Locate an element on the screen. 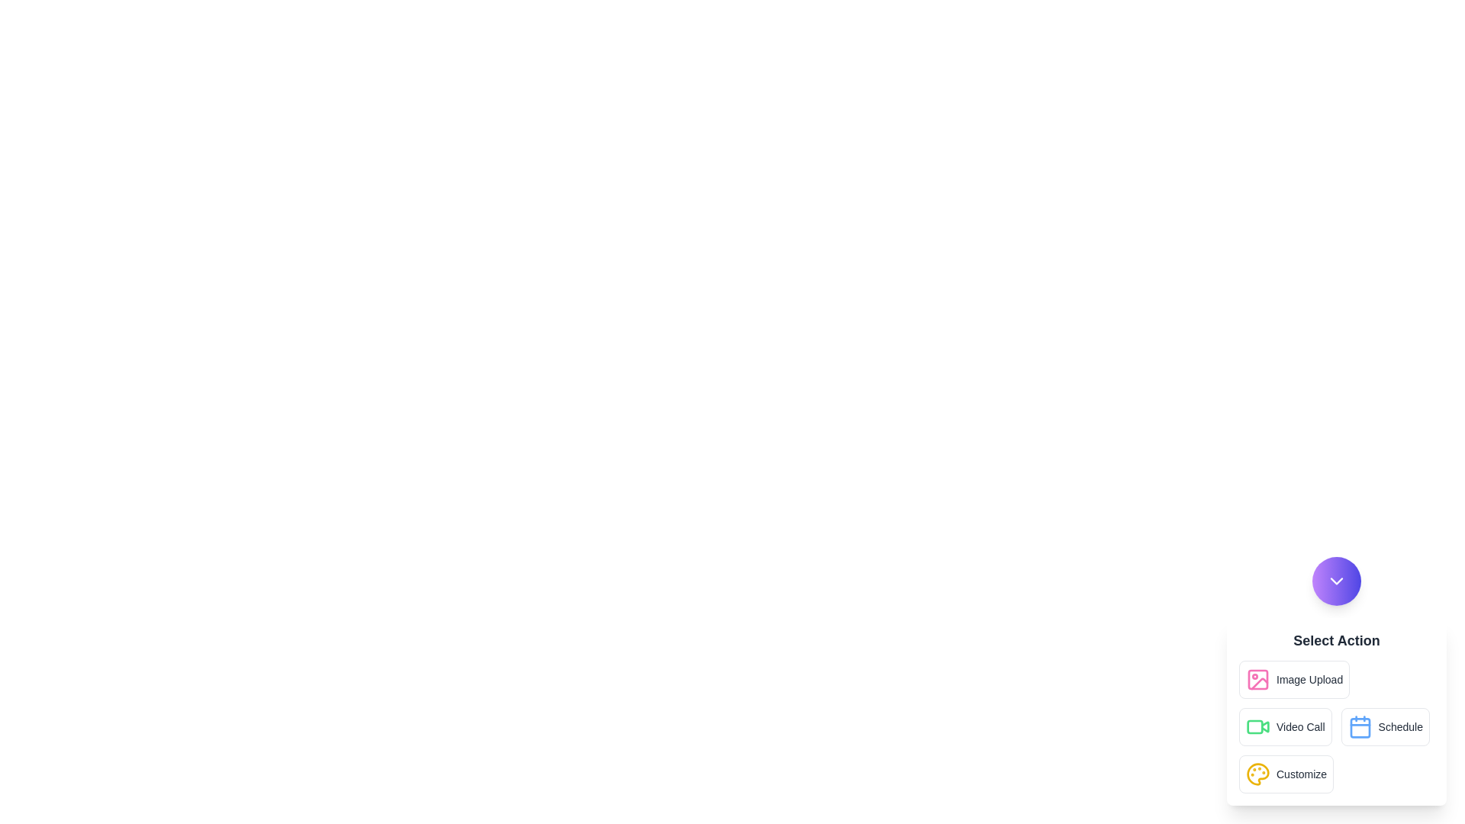  the pink icon resembling a sun or moon within the 'Image Upload' button located at the top left of the action buttons panel is located at coordinates (1258, 679).